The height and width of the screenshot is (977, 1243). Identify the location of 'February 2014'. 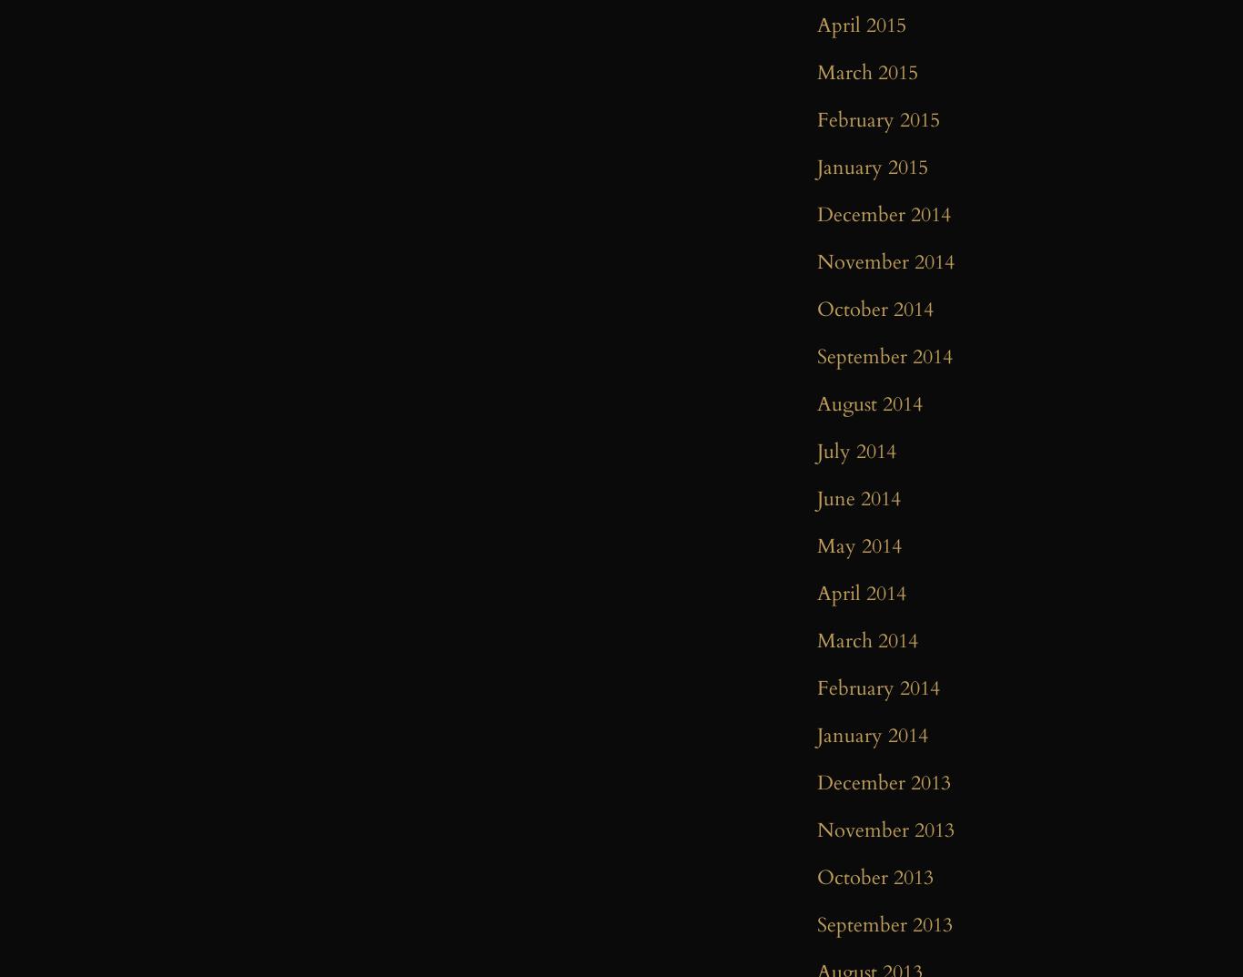
(878, 687).